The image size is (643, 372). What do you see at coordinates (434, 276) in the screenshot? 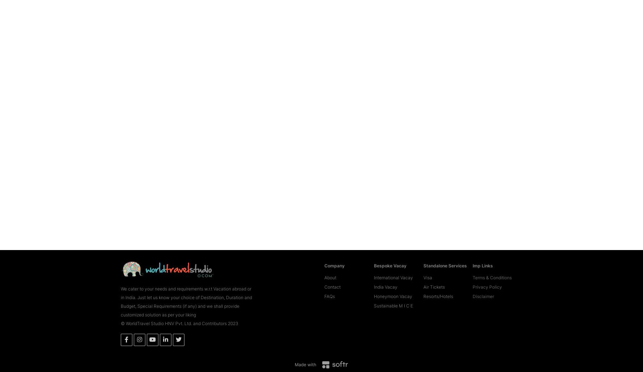
I see `'Air Tickets'` at bounding box center [434, 276].